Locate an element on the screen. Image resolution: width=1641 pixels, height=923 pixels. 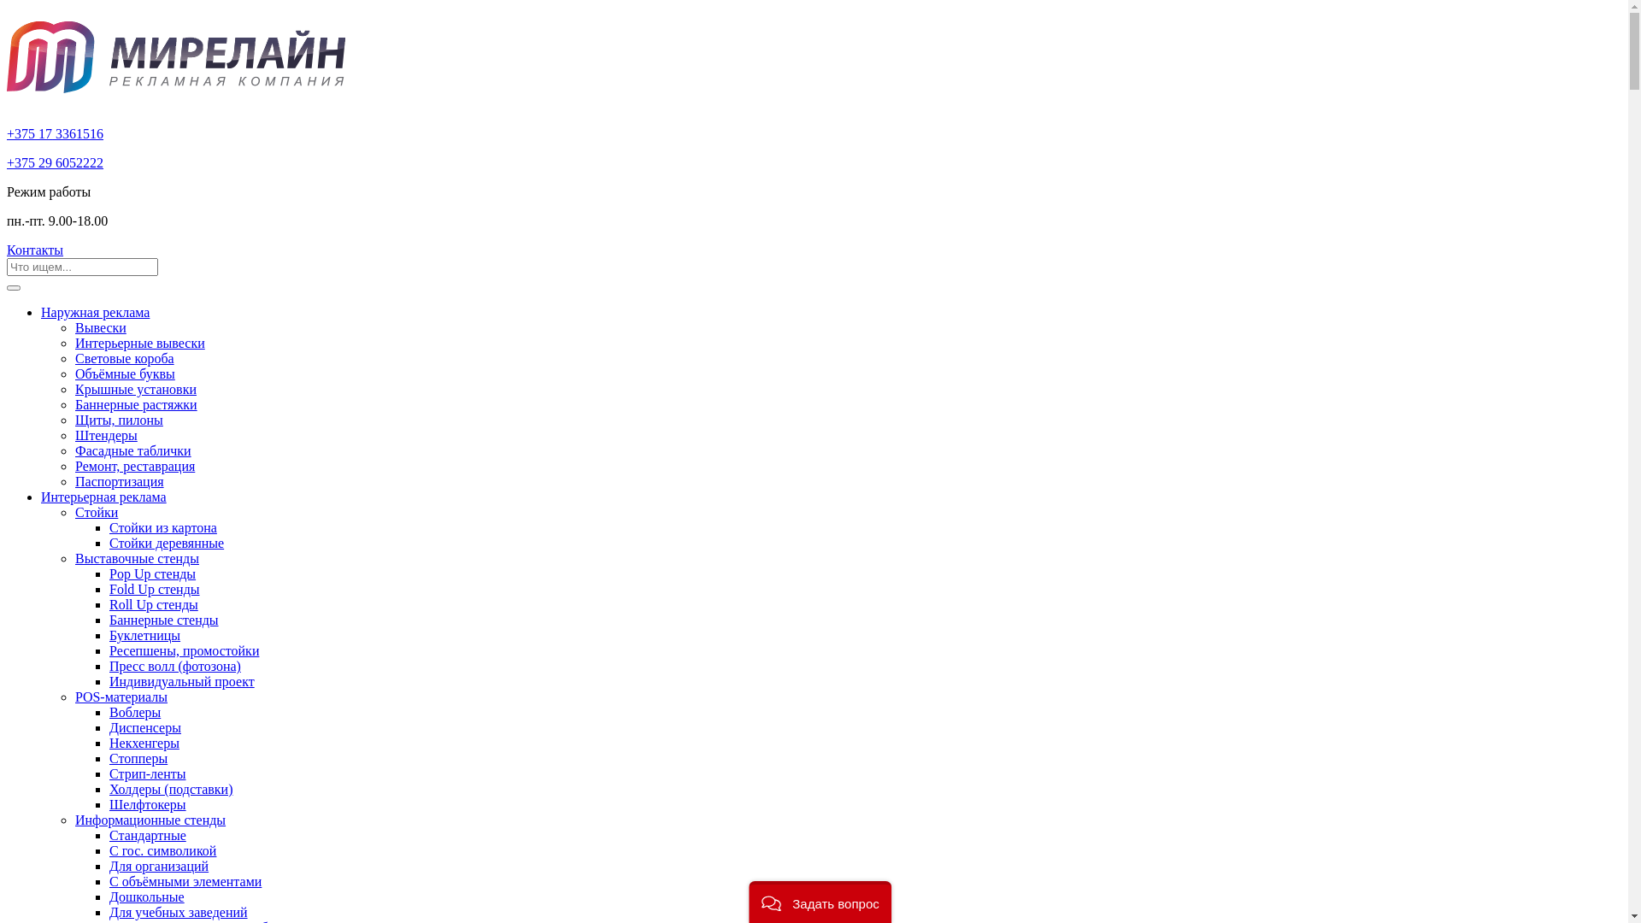
'+375 17 3361516' is located at coordinates (55, 132).